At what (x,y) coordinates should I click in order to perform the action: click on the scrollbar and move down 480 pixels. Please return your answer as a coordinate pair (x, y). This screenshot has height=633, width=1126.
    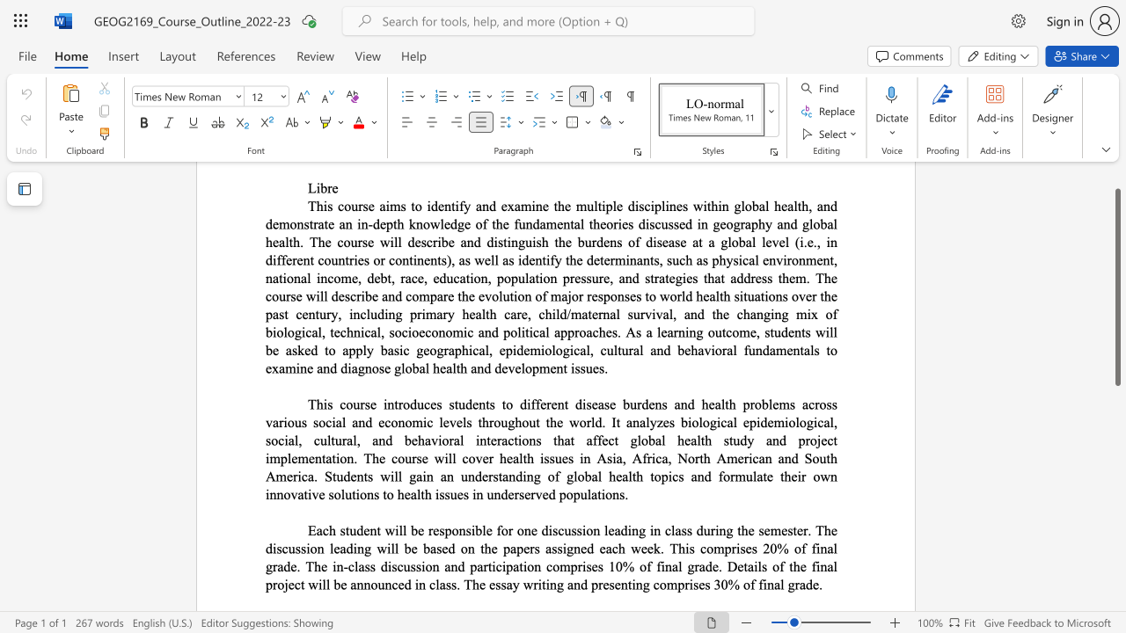
    Looking at the image, I should click on (1116, 286).